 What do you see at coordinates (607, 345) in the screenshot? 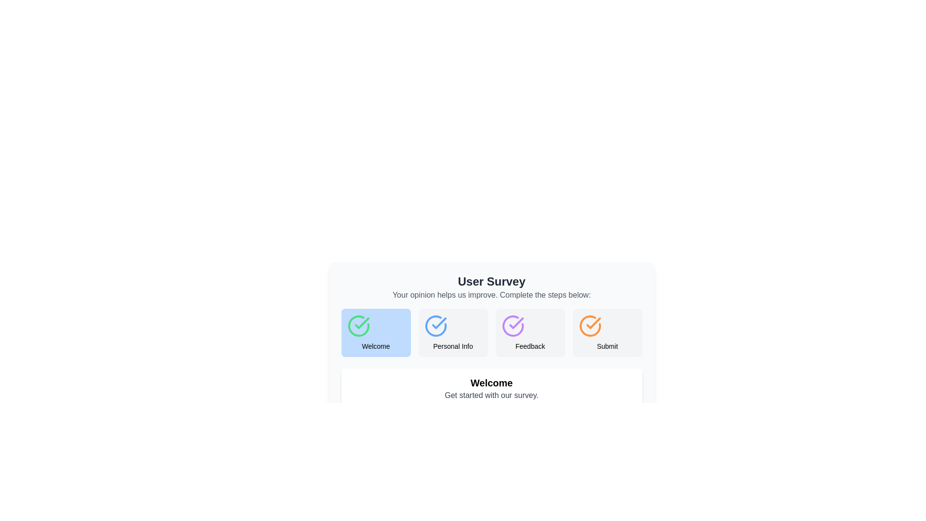
I see `the 'Submit' text label located at the bottom-center of a card, styled with a medium font size and accompanied by a colorful checkmark icon above it` at bounding box center [607, 345].